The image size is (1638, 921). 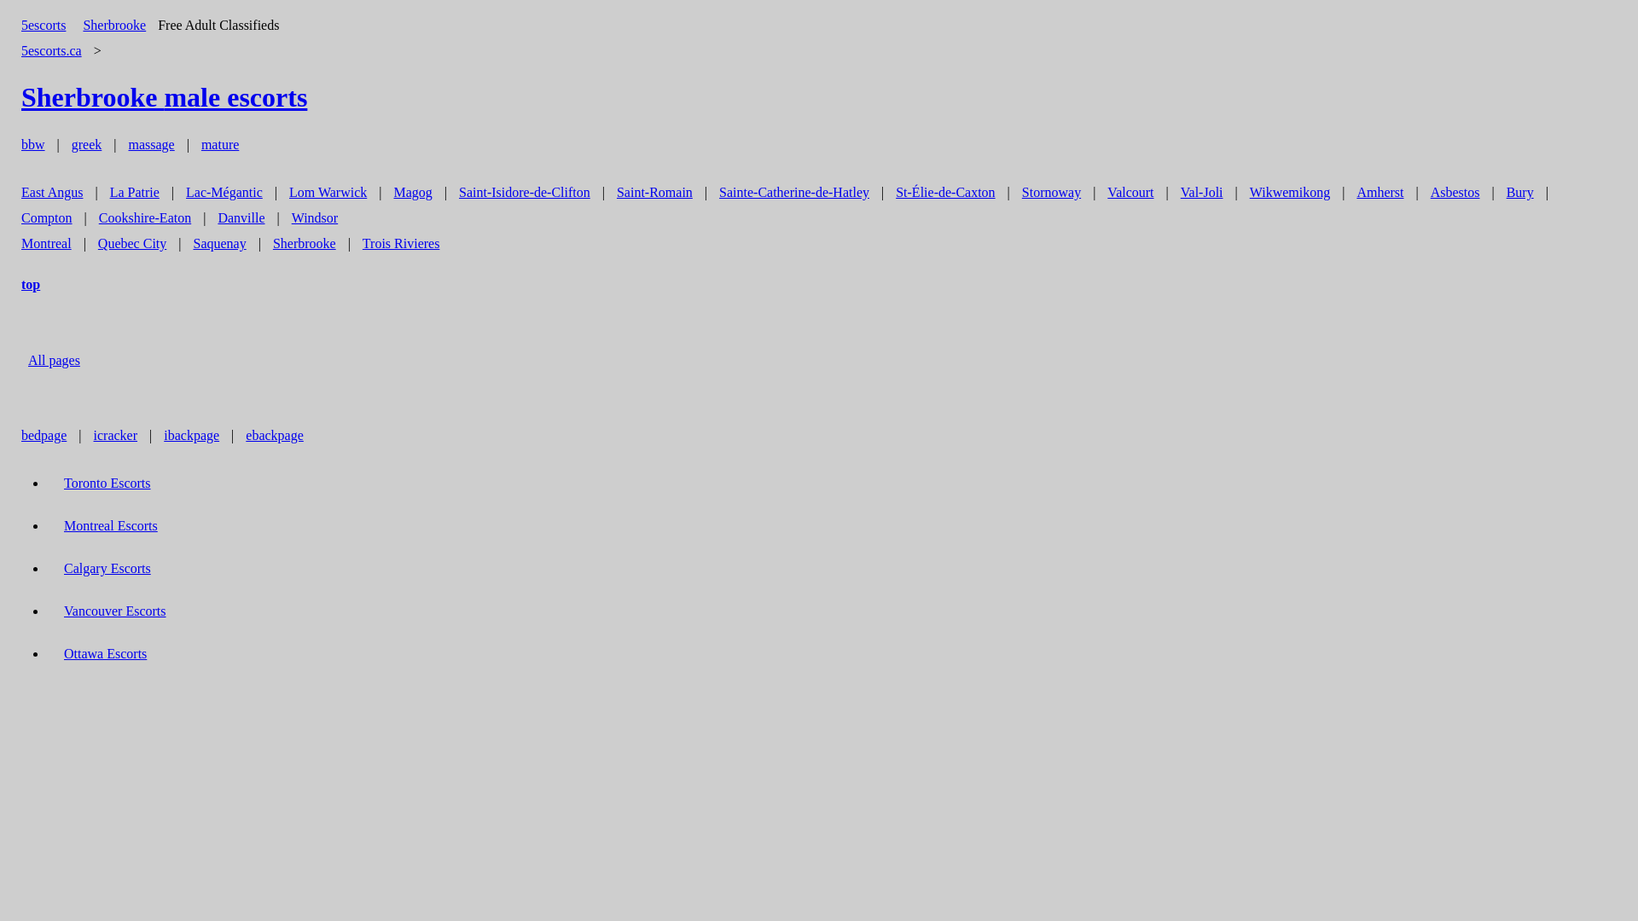 I want to click on 'Wikwemikong', so click(x=1290, y=192).